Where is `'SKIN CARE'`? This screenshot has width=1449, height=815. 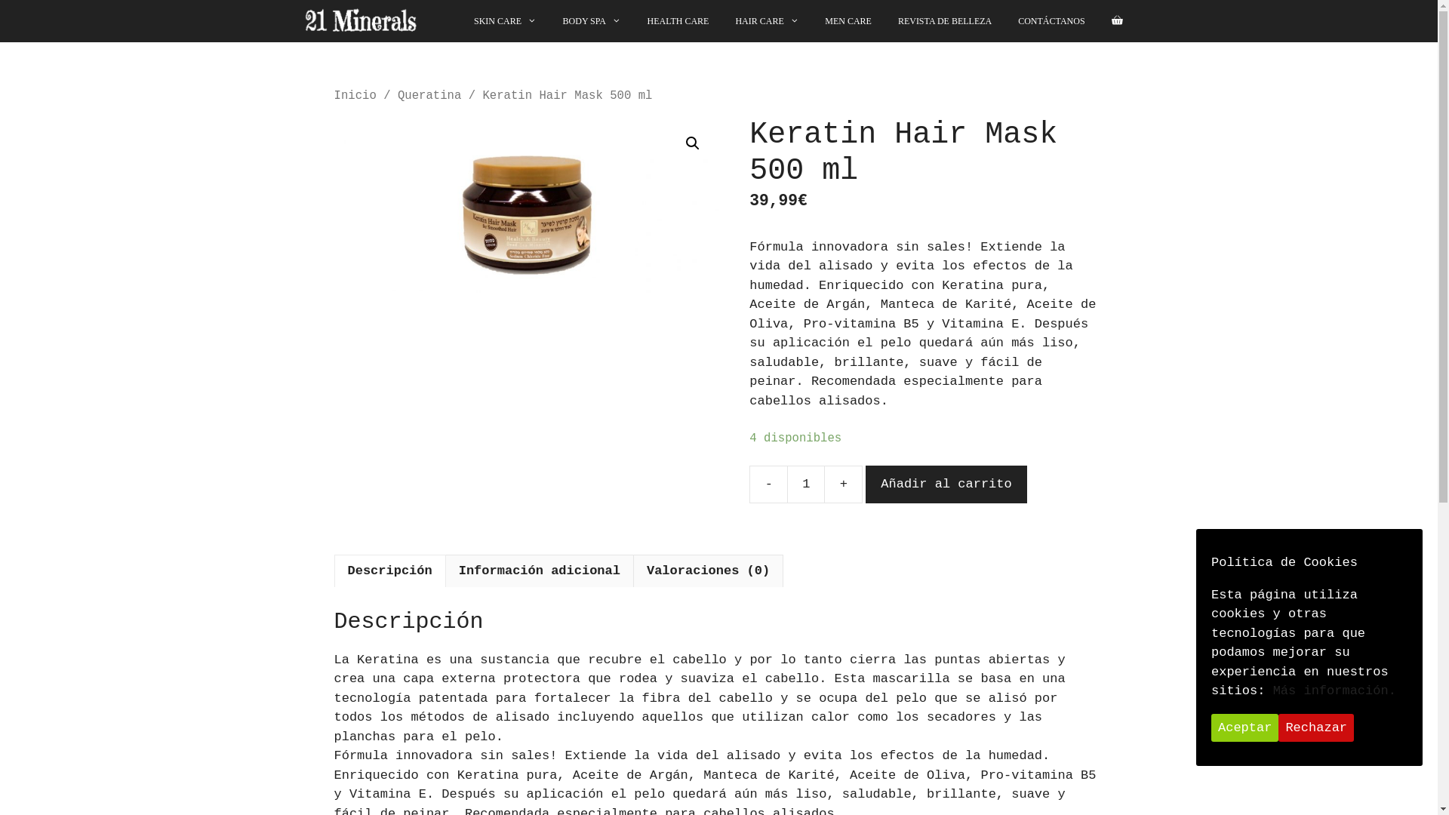 'SKIN CARE' is located at coordinates (462, 20).